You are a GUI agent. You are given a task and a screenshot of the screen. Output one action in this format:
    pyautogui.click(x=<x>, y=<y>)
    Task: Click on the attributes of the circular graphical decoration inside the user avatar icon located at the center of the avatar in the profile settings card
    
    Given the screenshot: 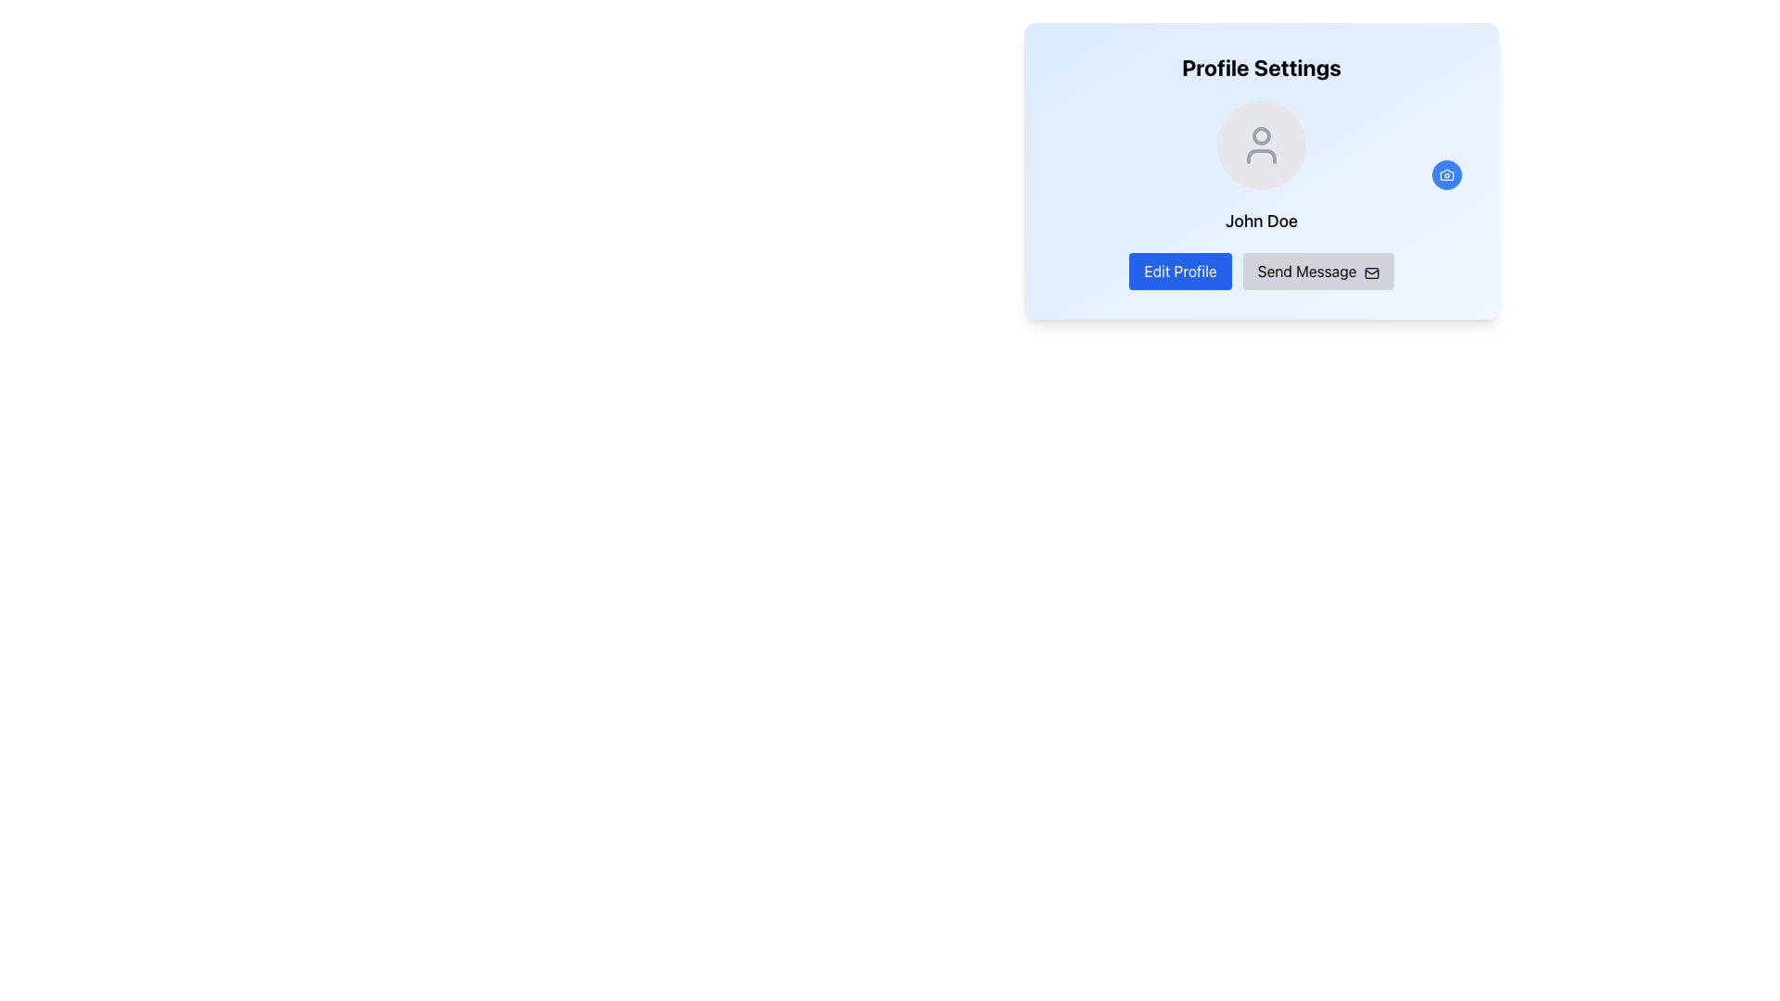 What is the action you would take?
    pyautogui.click(x=1261, y=134)
    